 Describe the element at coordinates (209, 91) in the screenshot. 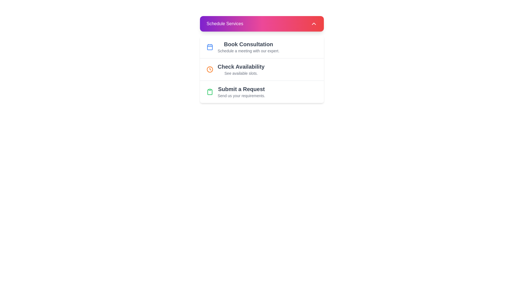

I see `the 'Submit a Request' icon located to the left of the 'Submit a Request' text in the 'Schedule Services' dropdown` at that location.